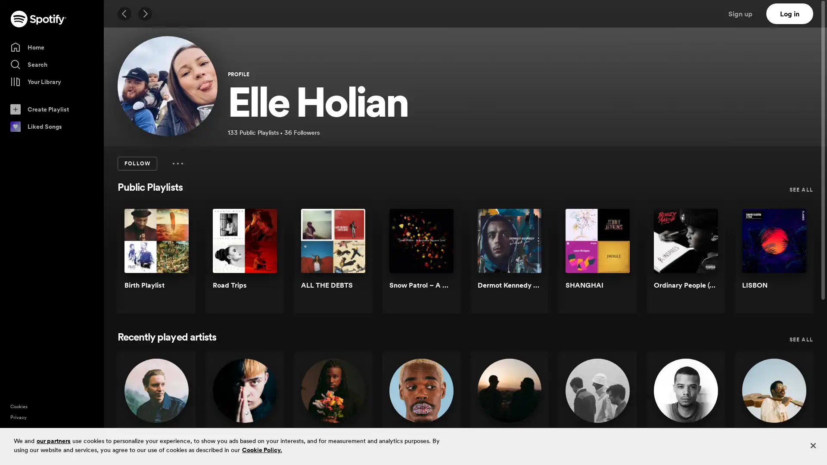  What do you see at coordinates (527, 262) in the screenshot?
I see `Play Dermot Kennedy  Without Fear` at bounding box center [527, 262].